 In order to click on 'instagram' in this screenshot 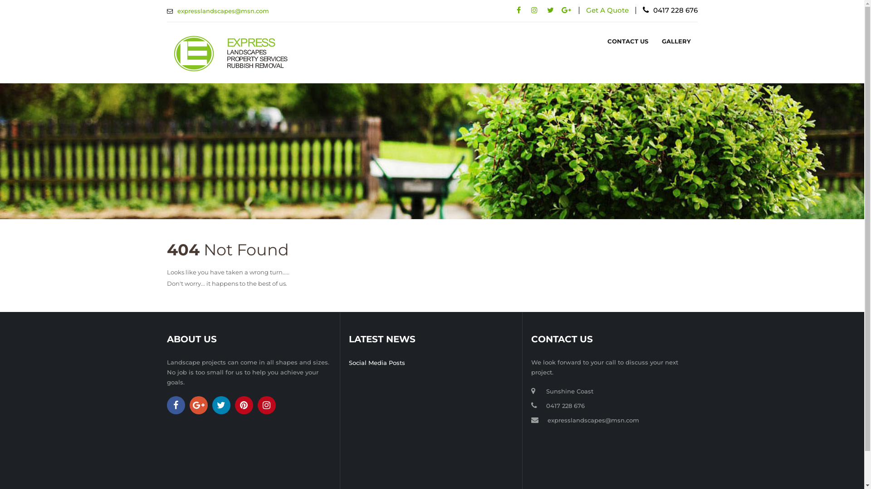, I will do `click(266, 404)`.